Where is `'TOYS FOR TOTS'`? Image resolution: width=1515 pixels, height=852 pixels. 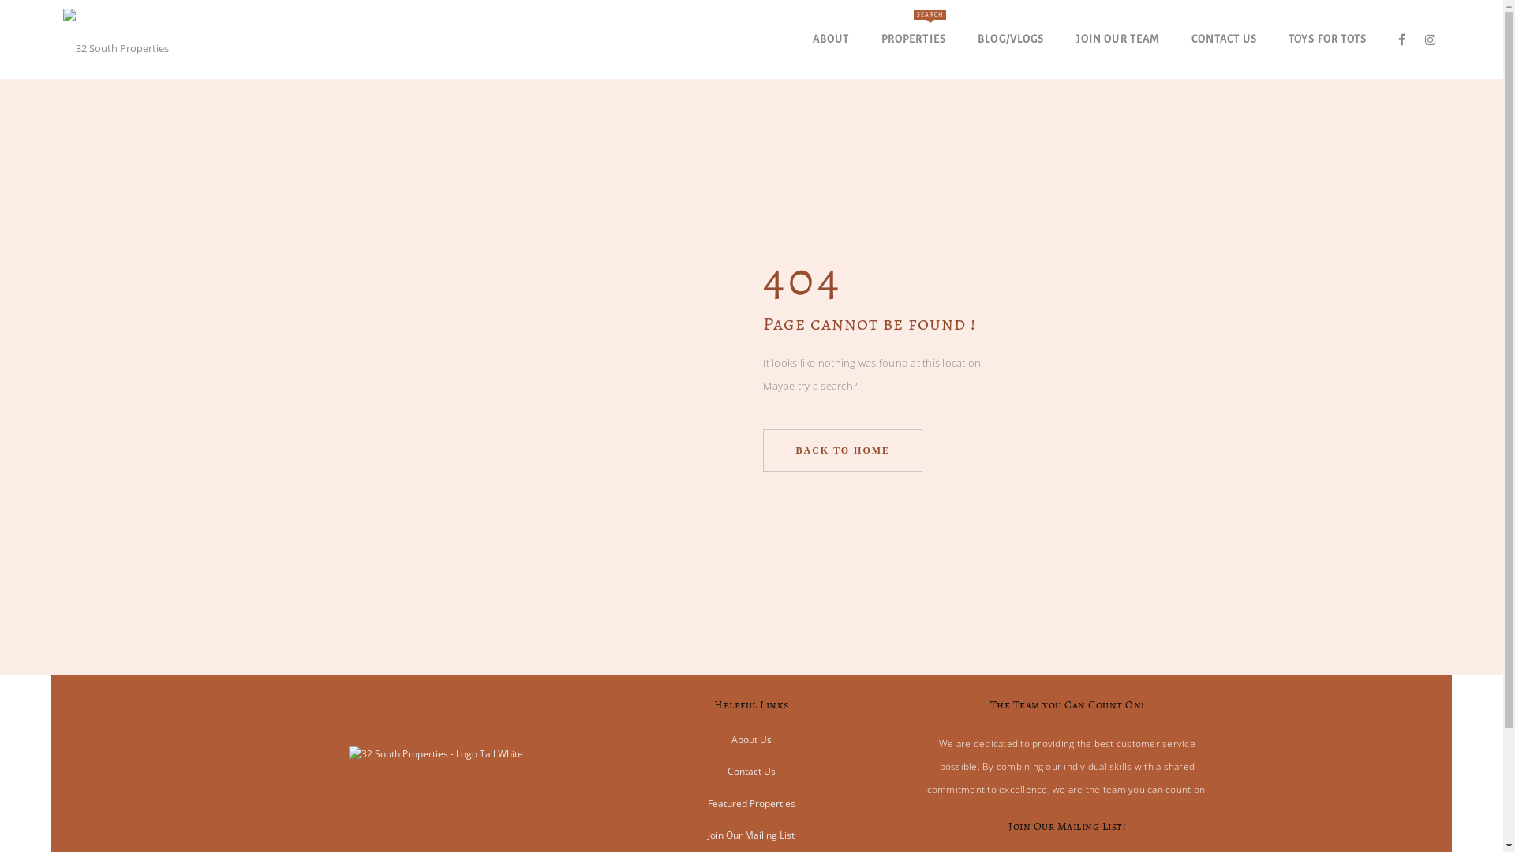 'TOYS FOR TOTS' is located at coordinates (1326, 39).